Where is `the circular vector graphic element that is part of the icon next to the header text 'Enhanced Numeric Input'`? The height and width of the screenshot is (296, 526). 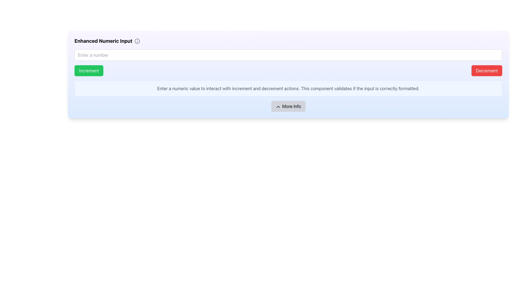 the circular vector graphic element that is part of the icon next to the header text 'Enhanced Numeric Input' is located at coordinates (137, 41).